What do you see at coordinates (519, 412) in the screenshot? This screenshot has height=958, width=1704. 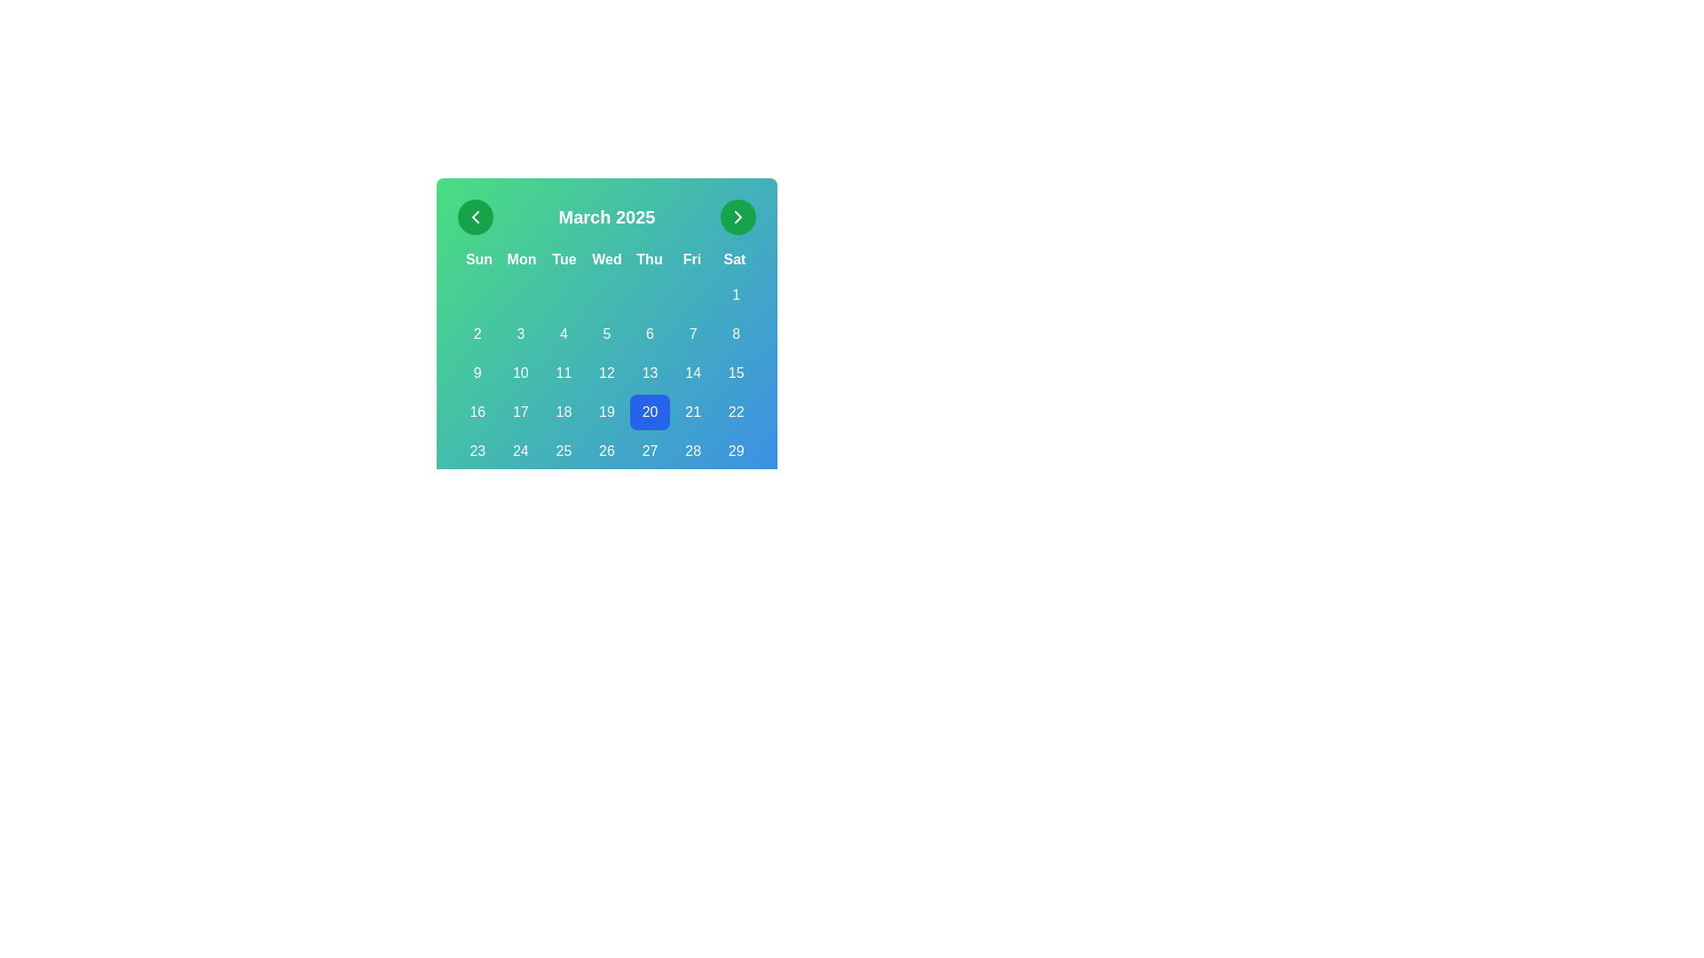 I see `the rounded rectangular button displaying the number '17' in the calendar grid for March 2025` at bounding box center [519, 412].